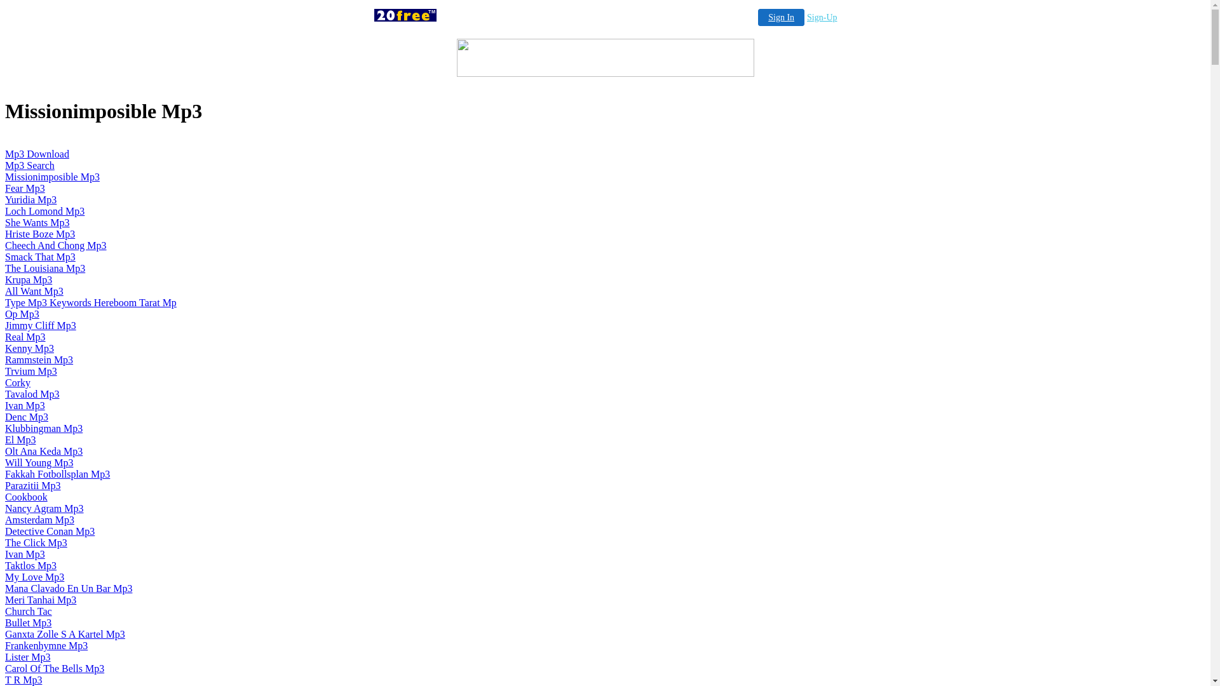 This screenshot has height=686, width=1220. Describe the element at coordinates (51, 177) in the screenshot. I see `'Missionimposible Mp3'` at that location.